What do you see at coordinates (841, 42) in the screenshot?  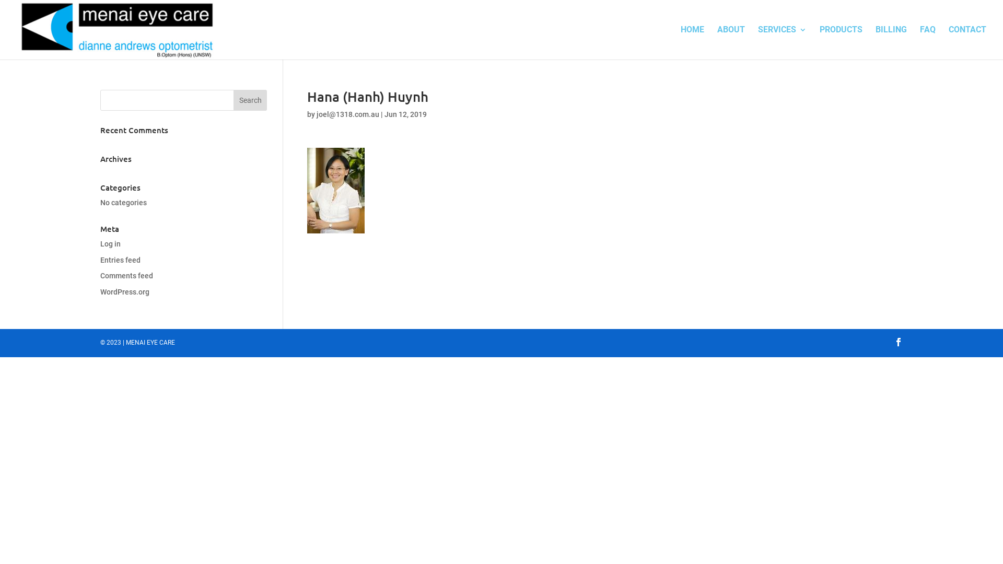 I see `'PRODUCTS'` at bounding box center [841, 42].